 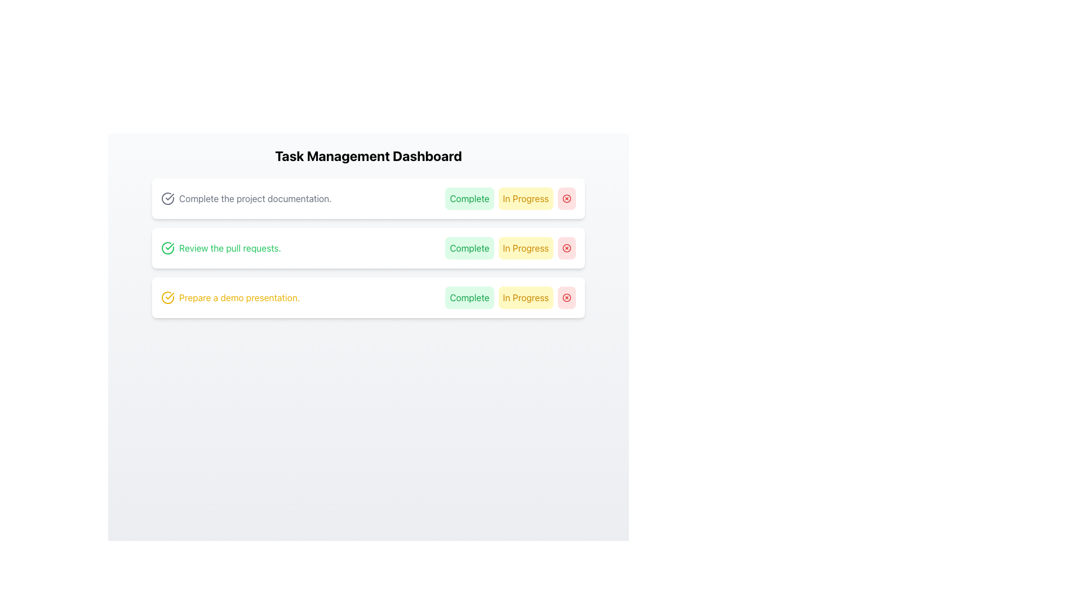 What do you see at coordinates (525, 297) in the screenshot?
I see `the 'In Progress' button, which is a rectangular button with rounded corners, light yellow background, and orange text, located in the third task row of the task management dashboard` at bounding box center [525, 297].